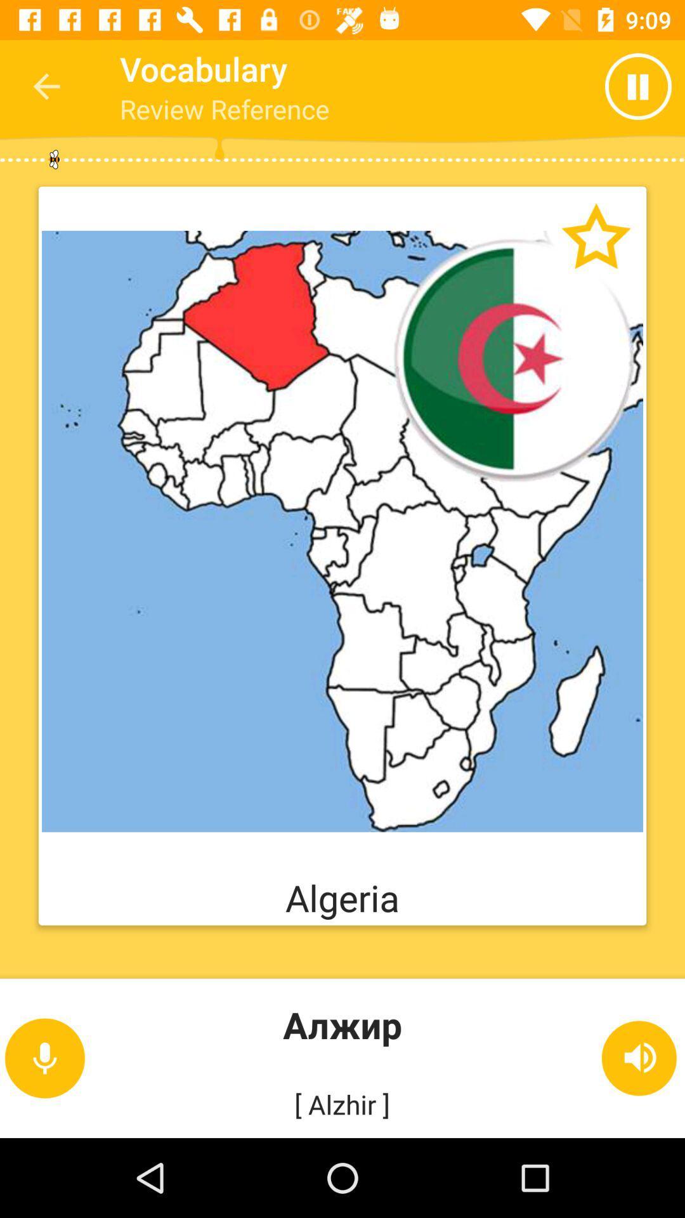 The height and width of the screenshot is (1218, 685). What do you see at coordinates (640, 1058) in the screenshot?
I see `the volume icon` at bounding box center [640, 1058].